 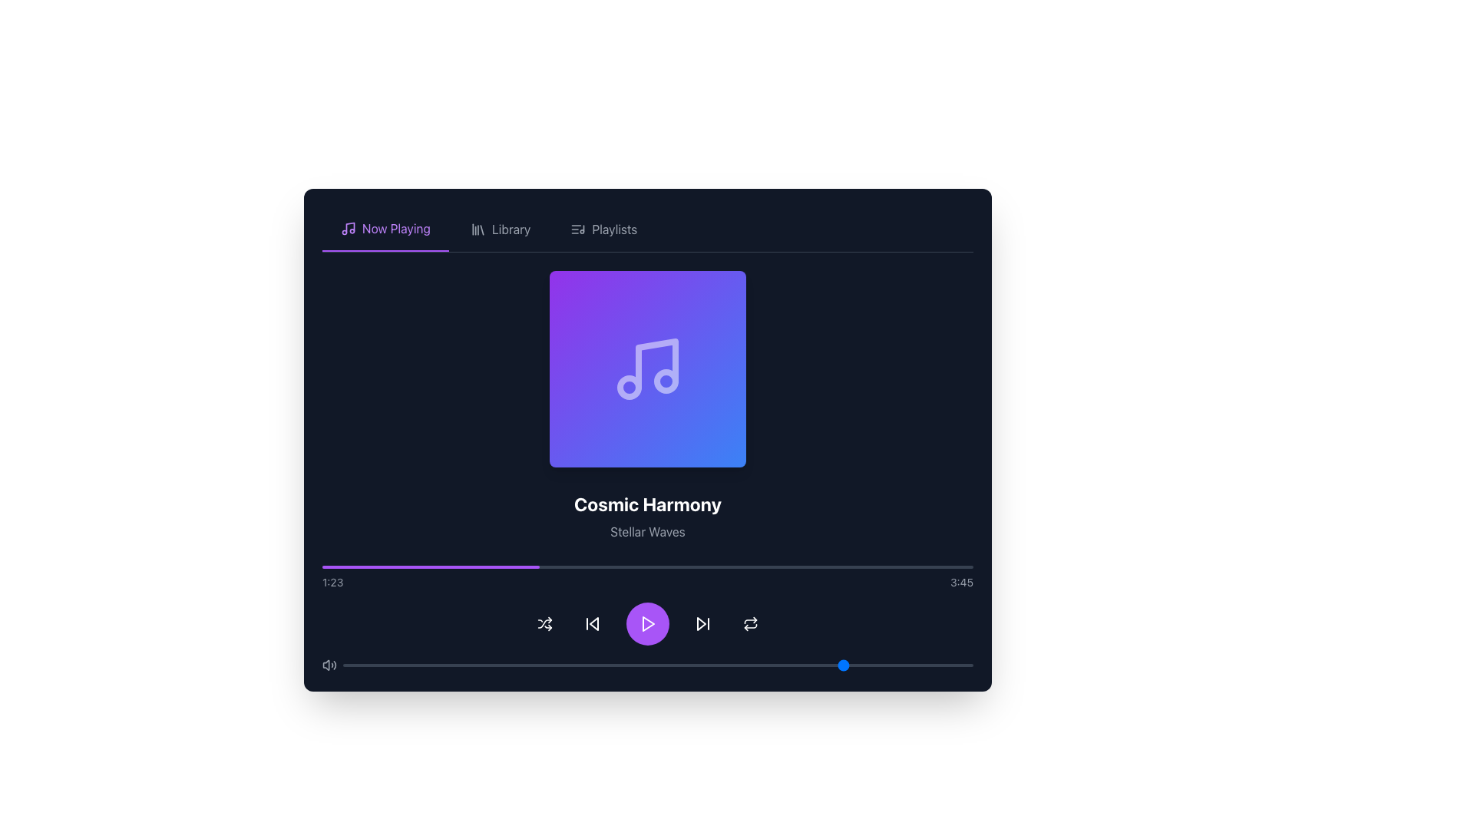 I want to click on the circular purple play button with a triangular icon located in the center of the control panel, so click(x=648, y=624).